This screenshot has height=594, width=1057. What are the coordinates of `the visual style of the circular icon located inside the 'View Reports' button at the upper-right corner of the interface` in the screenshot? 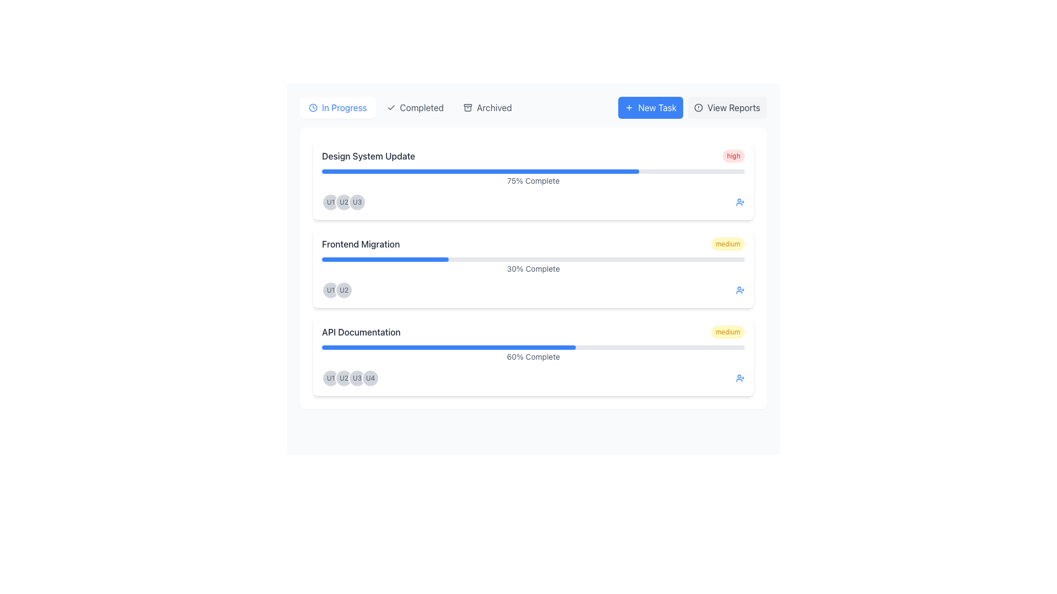 It's located at (698, 108).